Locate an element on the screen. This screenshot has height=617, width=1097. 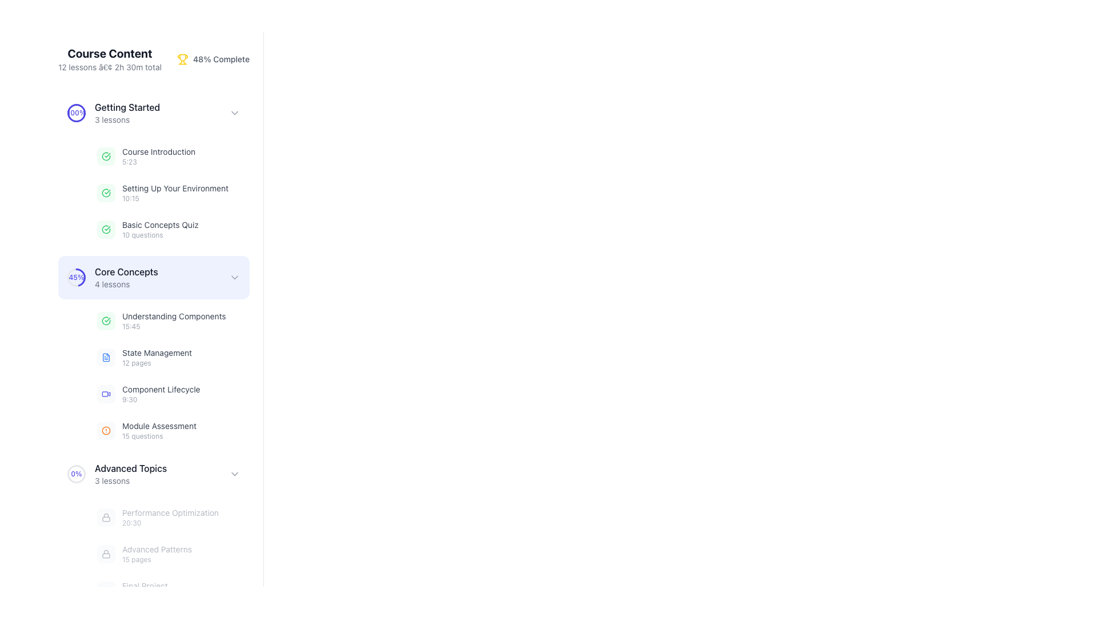
the second list item in the 'Getting Started' section, which provides information about the completion percentage and the number of lessons in 'Core Concepts' is located at coordinates (113, 278).